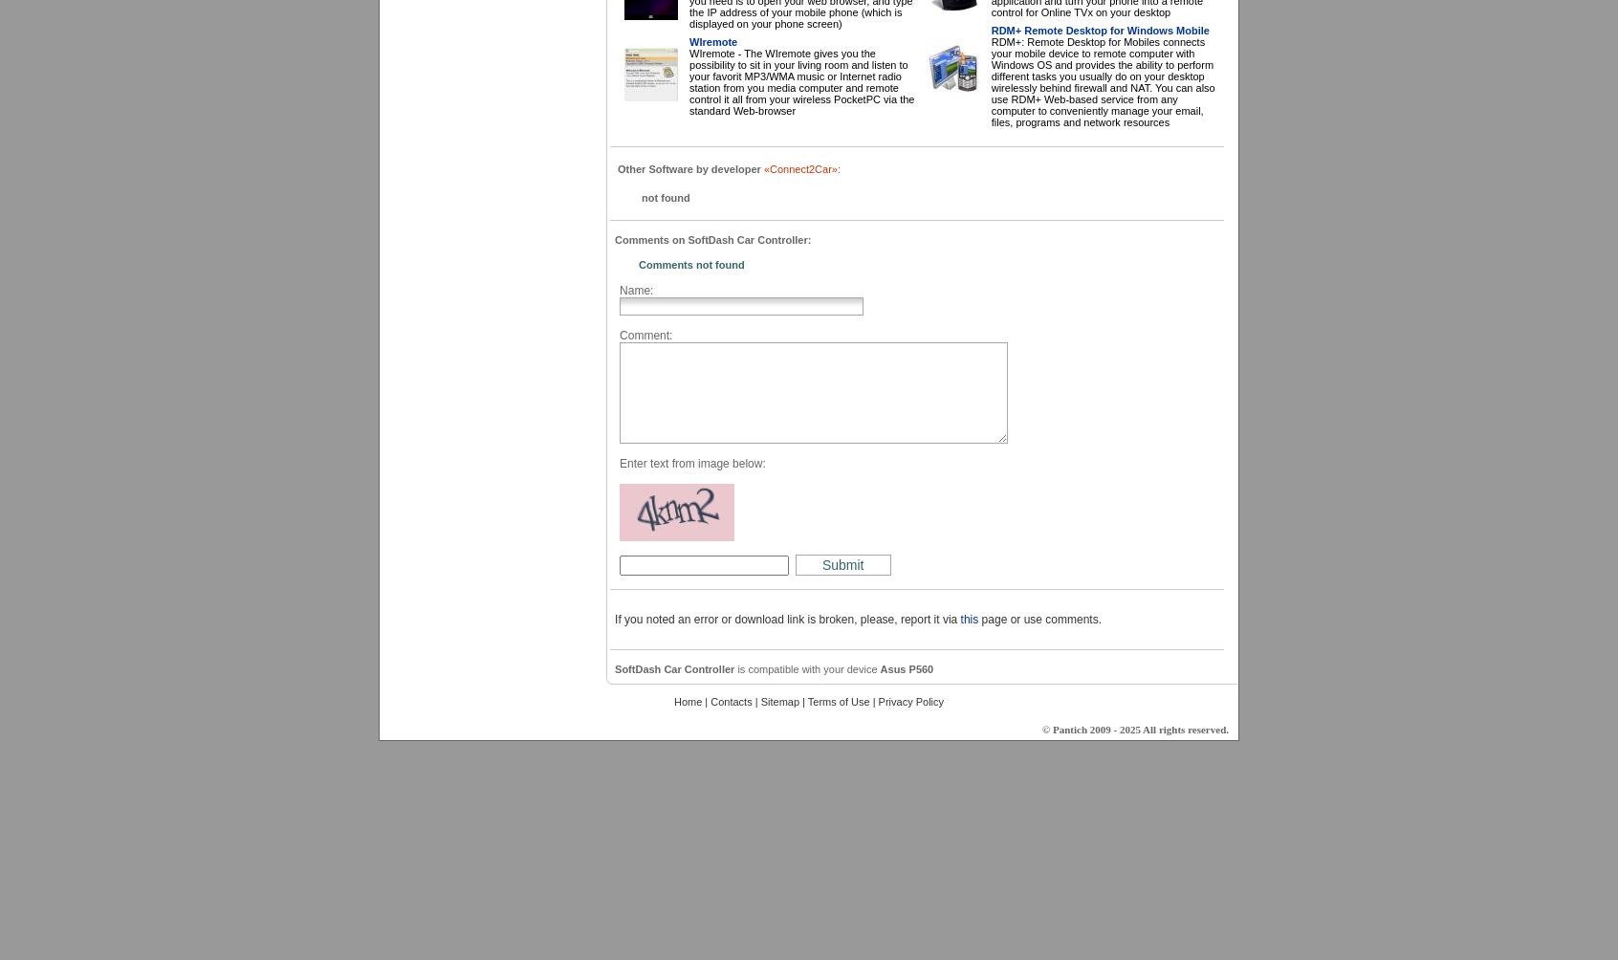 This screenshot has height=960, width=1618. I want to click on 'not found', so click(665, 197).